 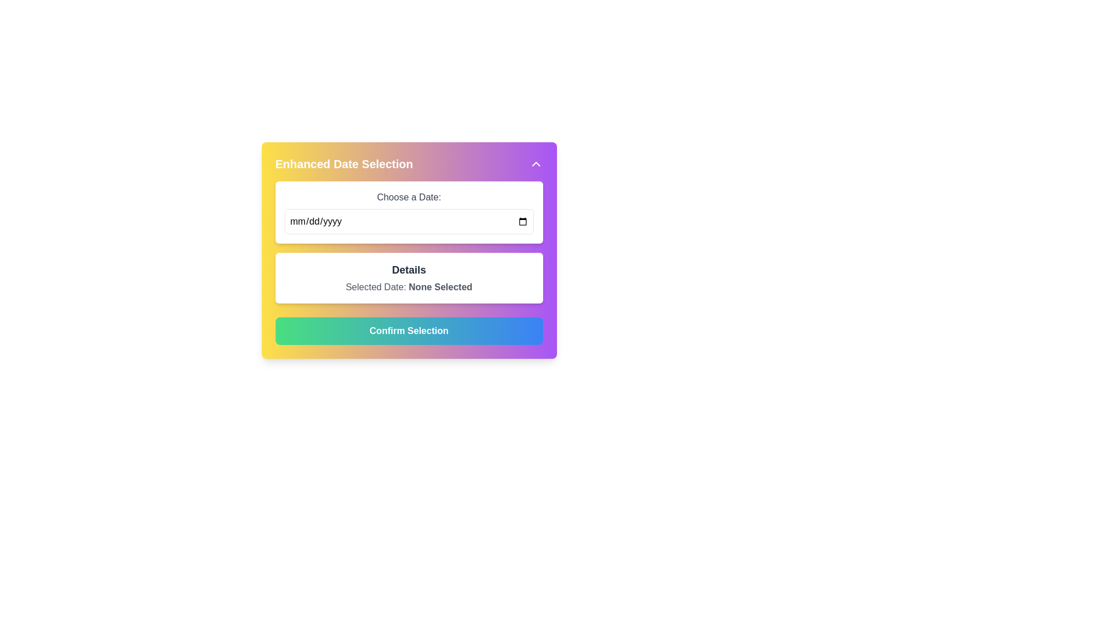 I want to click on the text label 'Choose a Date:' which is styled with medium font weight and gray color, located at the top-center of the white panel in the colorful card interface, so click(x=409, y=197).